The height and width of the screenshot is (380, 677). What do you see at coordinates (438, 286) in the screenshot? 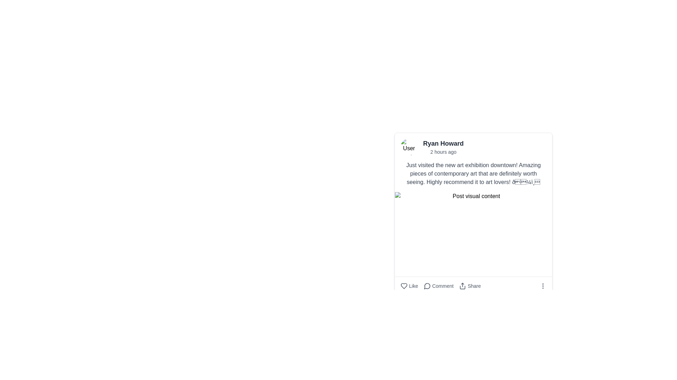
I see `the 'Comment' button, which features a speech bubble icon and changes its text color to blue when hovered` at bounding box center [438, 286].